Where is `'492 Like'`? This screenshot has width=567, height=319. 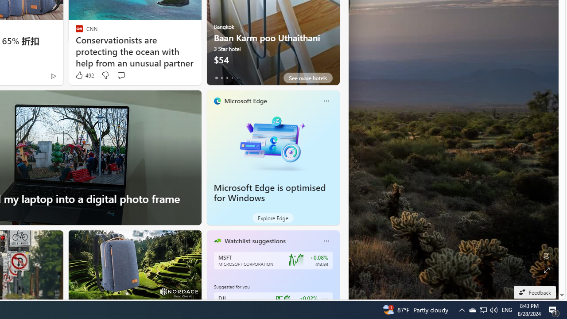 '492 Like' is located at coordinates (84, 75).